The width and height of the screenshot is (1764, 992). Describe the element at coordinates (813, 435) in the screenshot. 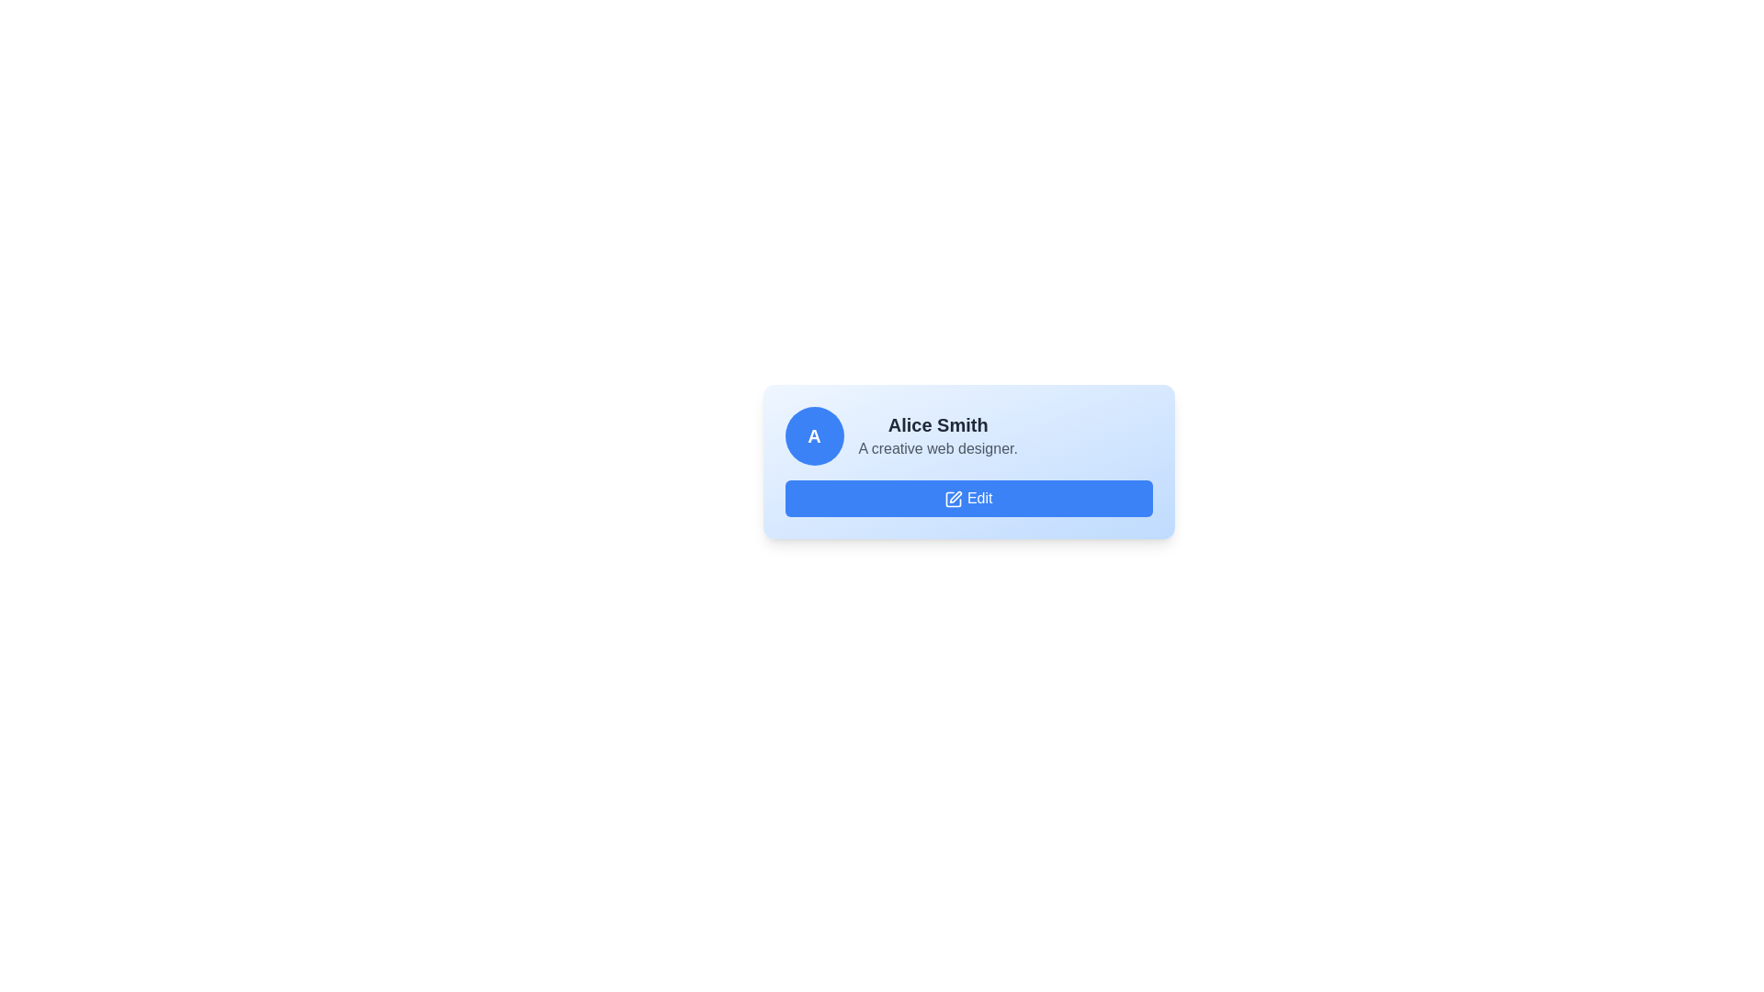

I see `the attributes of the avatar placeholder element representing a profile picture for 'Alice Smith' located on the far-left side of the horizontal arrangement` at that location.